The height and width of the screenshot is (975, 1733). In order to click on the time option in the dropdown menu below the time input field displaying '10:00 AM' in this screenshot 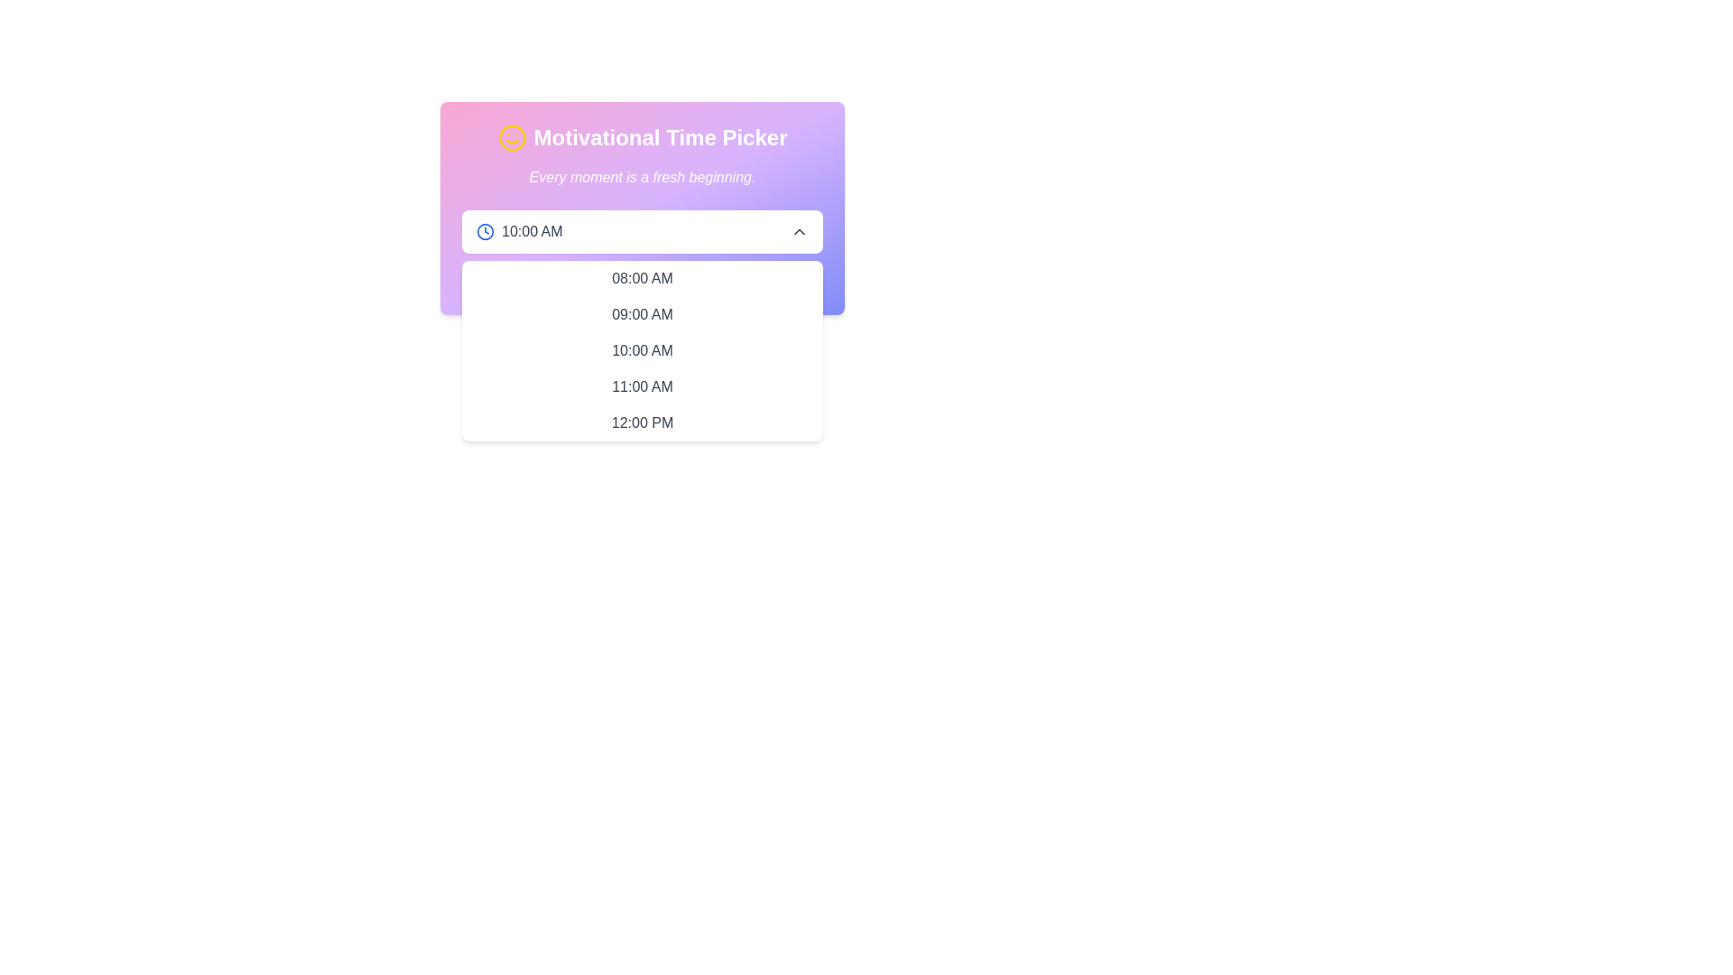, I will do `click(642, 351)`.